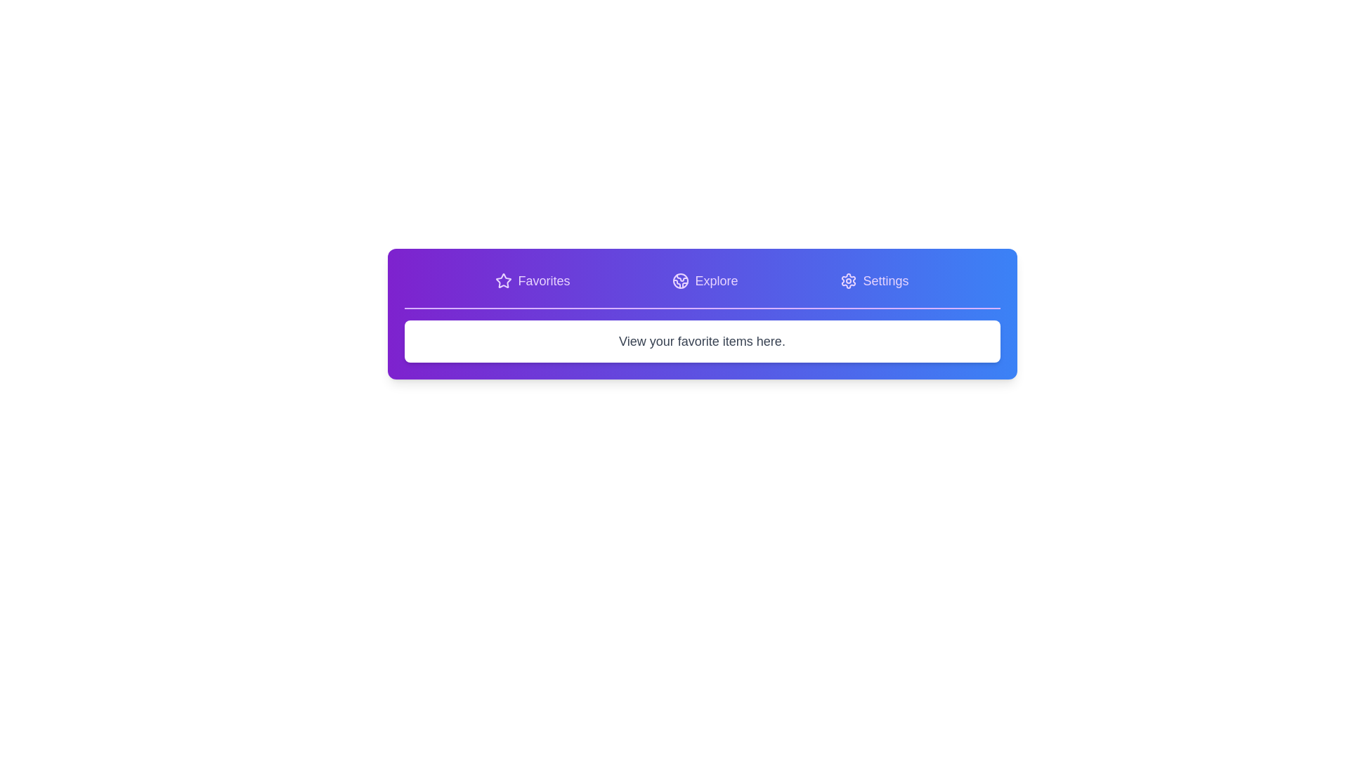  What do you see at coordinates (873, 281) in the screenshot?
I see `the Settings tab to view its content` at bounding box center [873, 281].